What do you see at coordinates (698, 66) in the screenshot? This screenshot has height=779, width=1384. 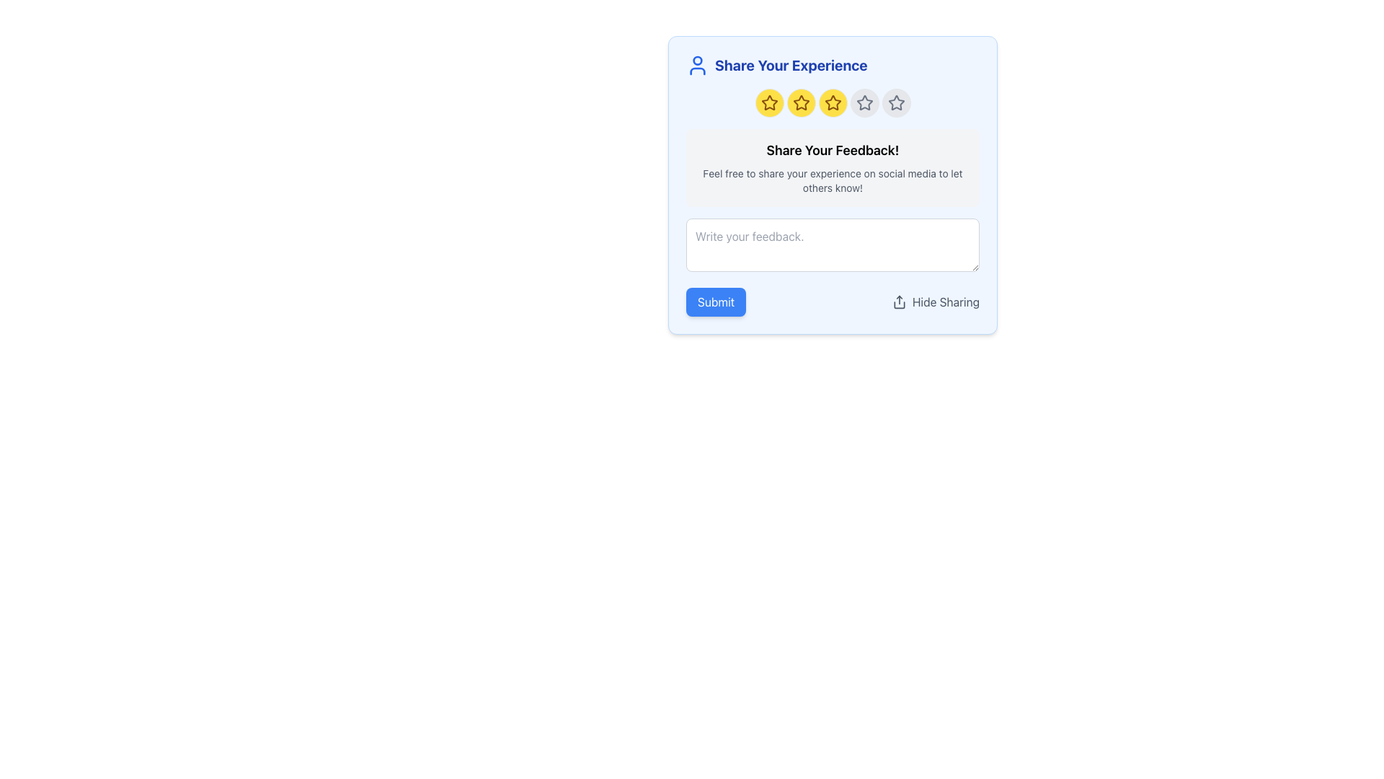 I see `the user profile icon located in the top-left corner of the 'Share Your Experience' section for aesthetic purposes` at bounding box center [698, 66].